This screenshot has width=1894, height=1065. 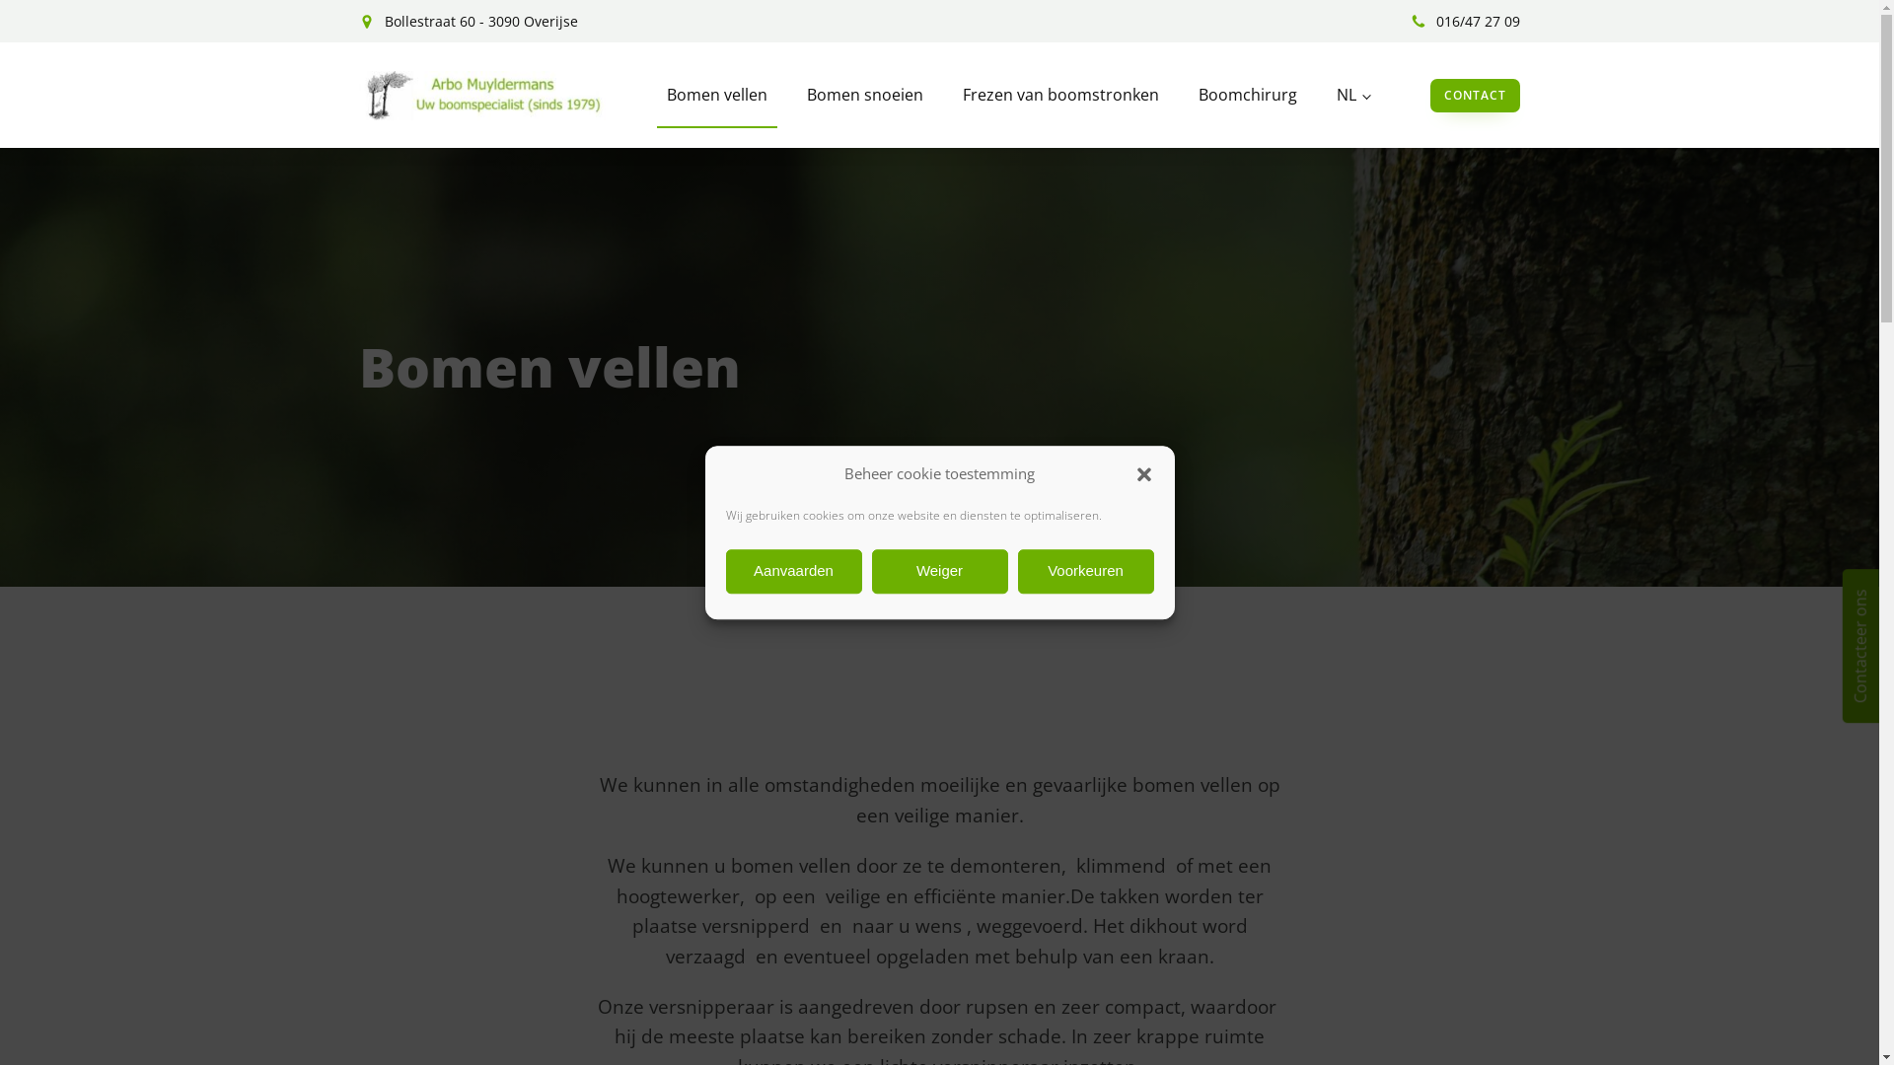 What do you see at coordinates (1084, 571) in the screenshot?
I see `'Voorkeuren'` at bounding box center [1084, 571].